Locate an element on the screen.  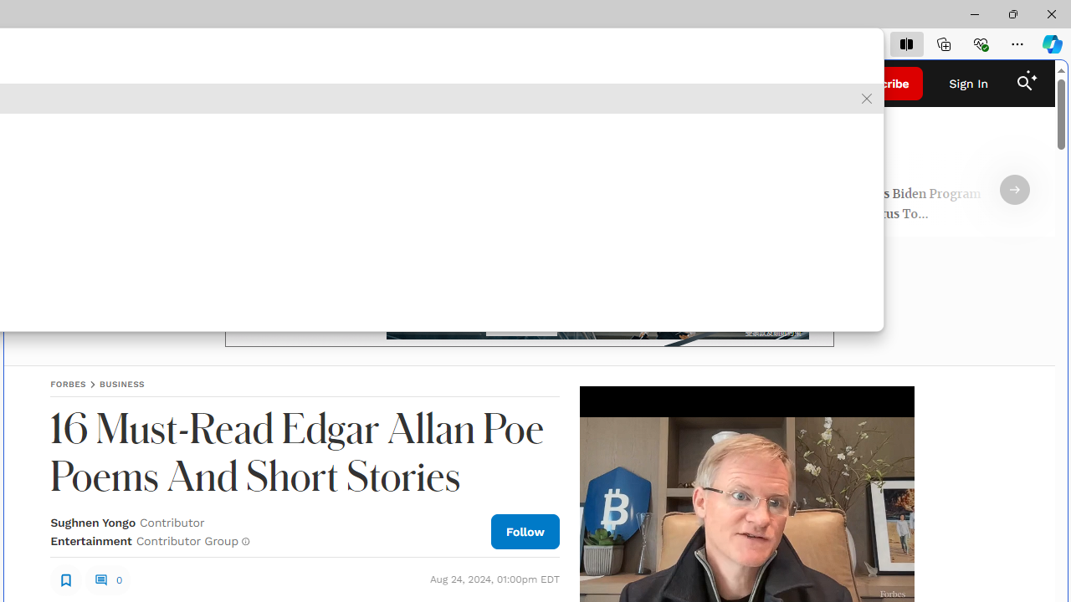
'Subscribe' is located at coordinates (880, 84).